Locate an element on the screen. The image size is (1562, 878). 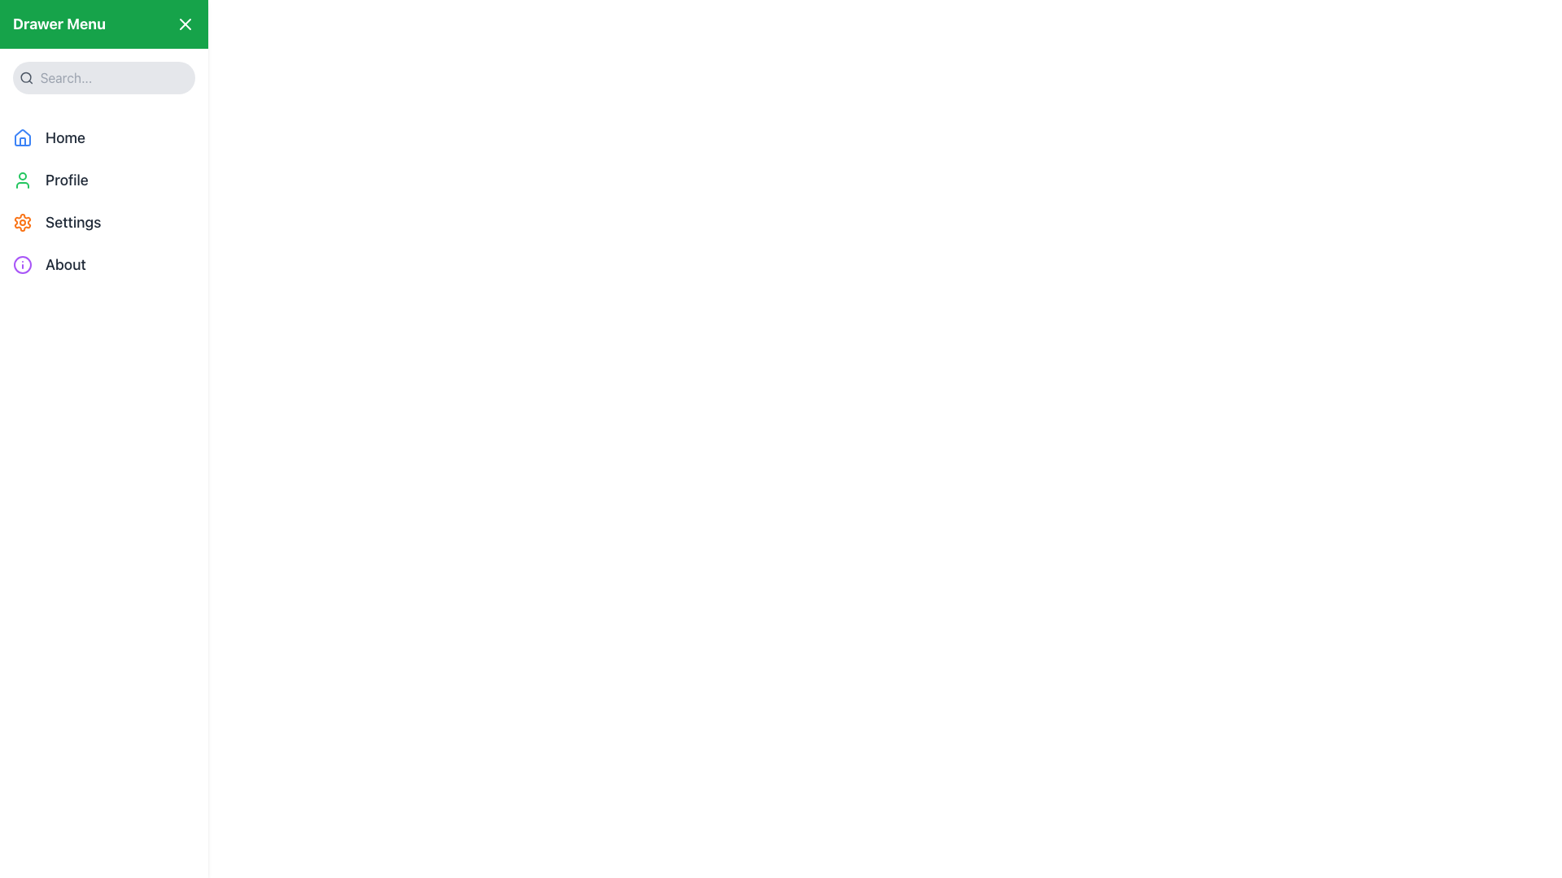
the 'Profile' text label, which is styled in bold and aligned to the right of a user icon in the sidebar menu is located at coordinates (66, 180).